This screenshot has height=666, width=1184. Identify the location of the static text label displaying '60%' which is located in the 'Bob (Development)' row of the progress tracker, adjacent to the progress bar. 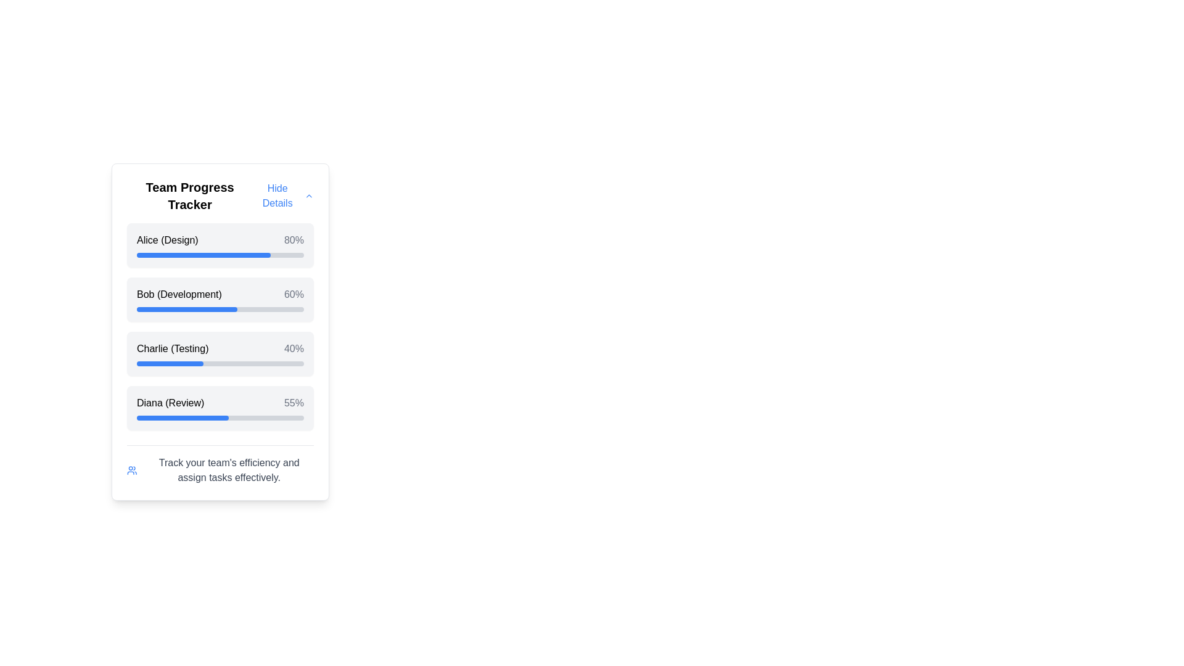
(293, 295).